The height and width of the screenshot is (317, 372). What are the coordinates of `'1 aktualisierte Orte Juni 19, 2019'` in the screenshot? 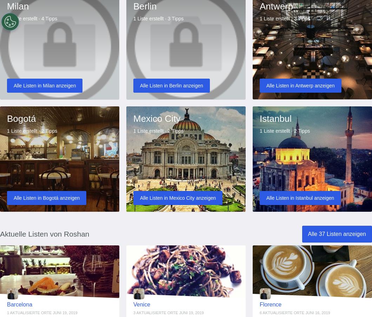 It's located at (42, 312).